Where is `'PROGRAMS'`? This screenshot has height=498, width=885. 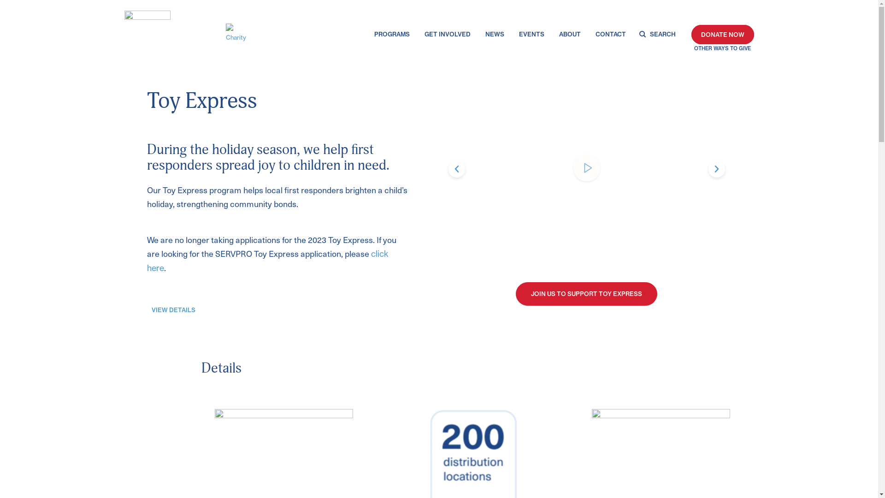
'PROGRAMS' is located at coordinates (374, 36).